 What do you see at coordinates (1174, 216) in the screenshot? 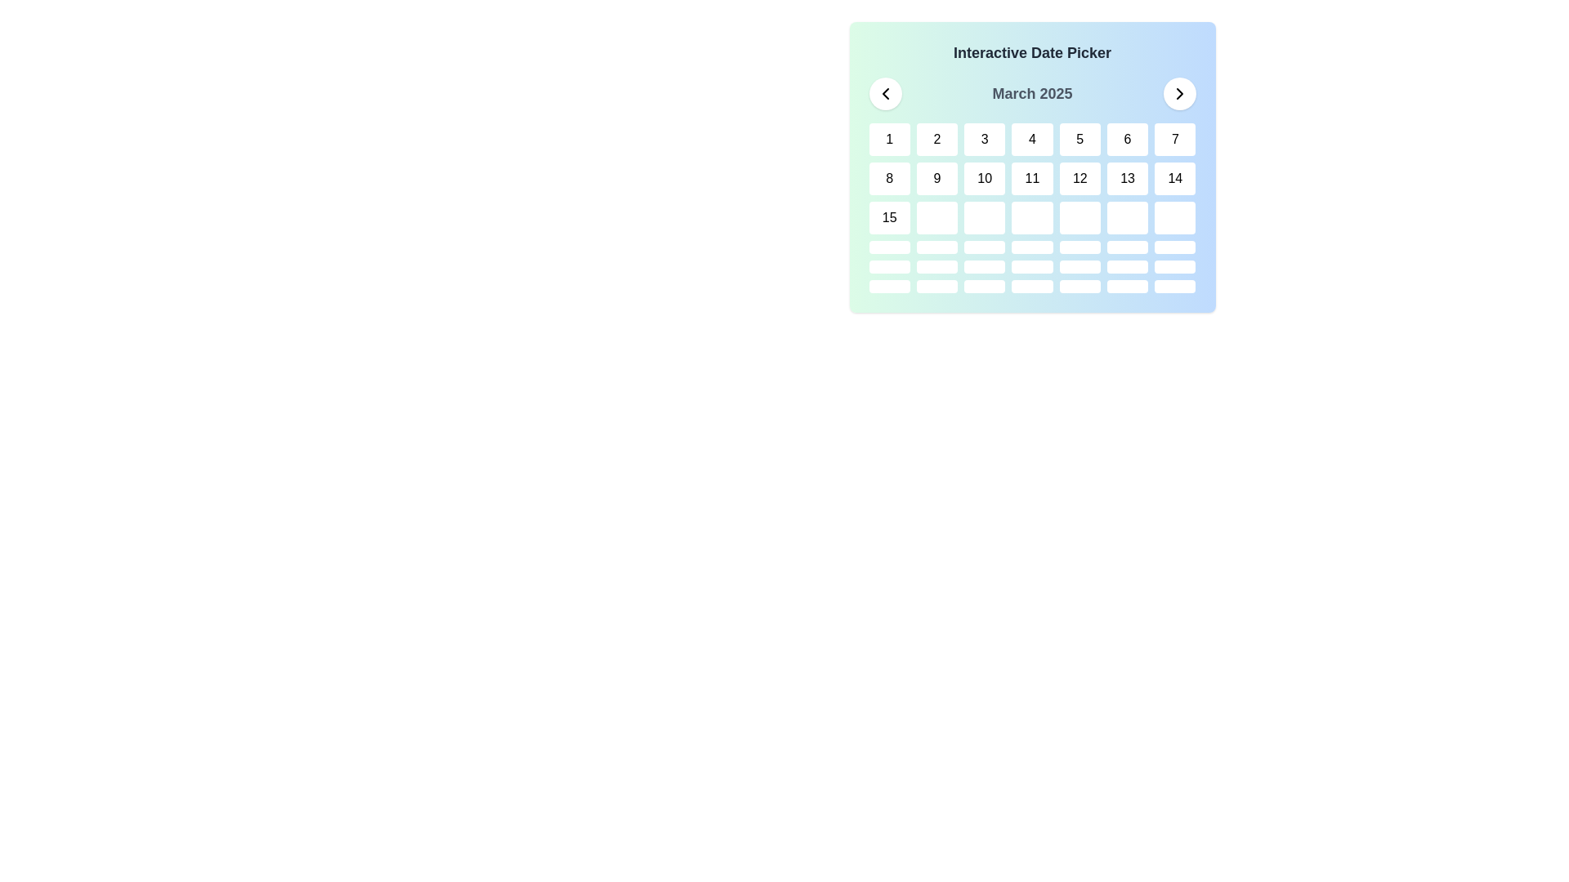
I see `the day selection button located in the bottom-right section of the date picker grid, specifically in the seventh column of the fourth row` at bounding box center [1174, 216].